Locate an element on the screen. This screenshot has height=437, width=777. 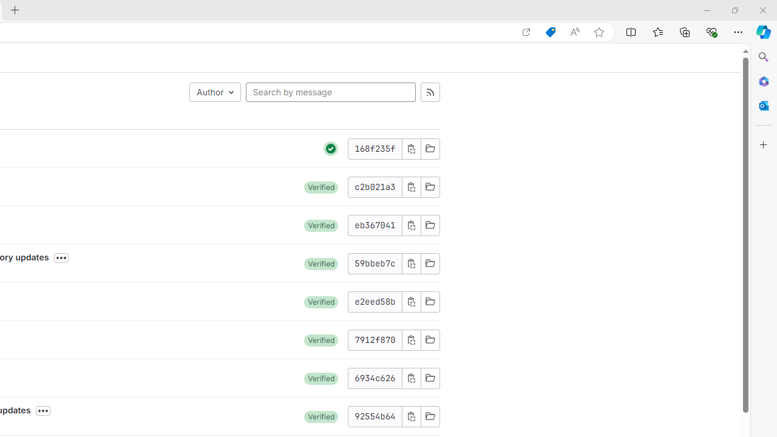
'Customize' is located at coordinates (763, 144).